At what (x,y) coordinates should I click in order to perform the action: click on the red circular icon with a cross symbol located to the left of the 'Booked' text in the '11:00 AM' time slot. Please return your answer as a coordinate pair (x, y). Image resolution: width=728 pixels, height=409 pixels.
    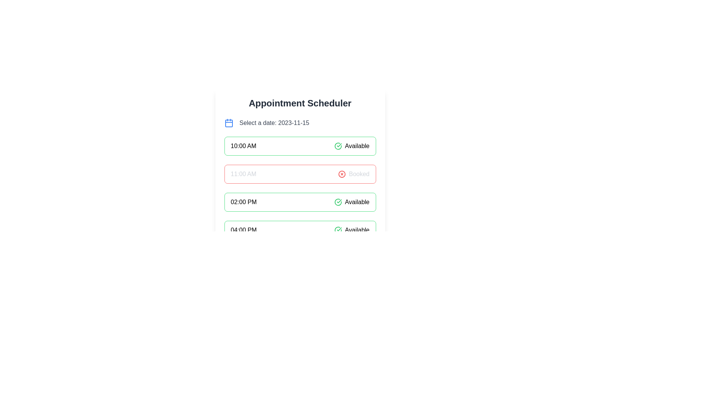
    Looking at the image, I should click on (342, 174).